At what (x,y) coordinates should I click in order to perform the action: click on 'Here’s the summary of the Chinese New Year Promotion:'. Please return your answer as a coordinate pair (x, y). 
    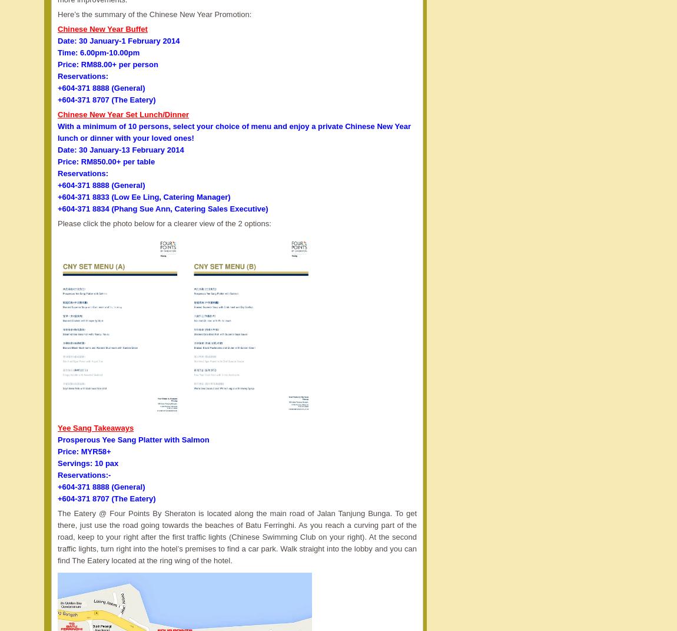
    Looking at the image, I should click on (57, 13).